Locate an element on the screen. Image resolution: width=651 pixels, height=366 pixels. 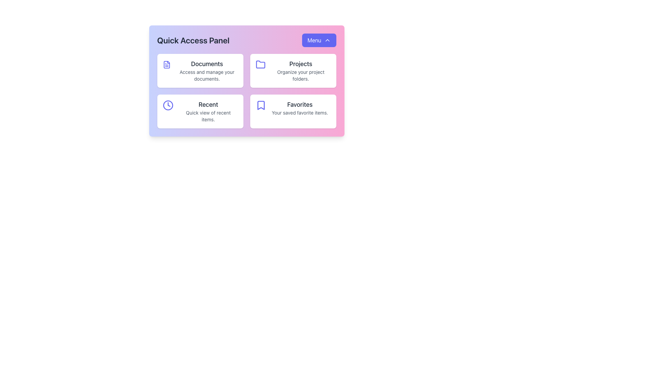
the title text of the 'Recent' section located in the second card of the first row in the 'Quick Access Panel' is located at coordinates (208, 104).